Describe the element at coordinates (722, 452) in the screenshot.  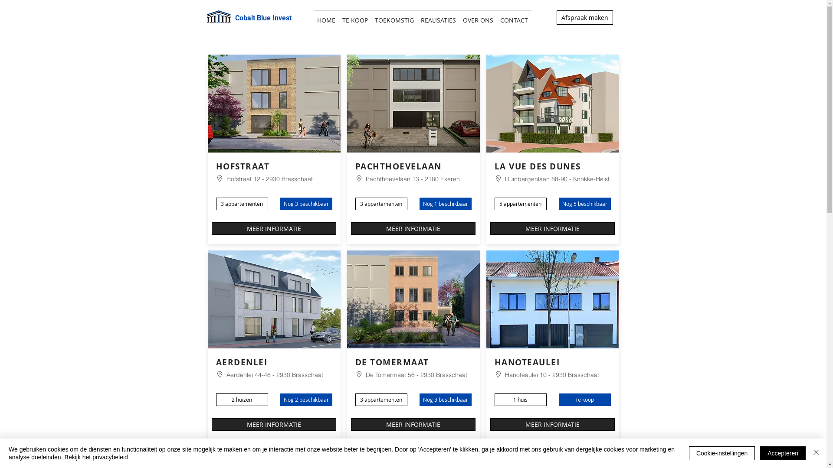
I see `'Cookie-instellingen'` at that location.